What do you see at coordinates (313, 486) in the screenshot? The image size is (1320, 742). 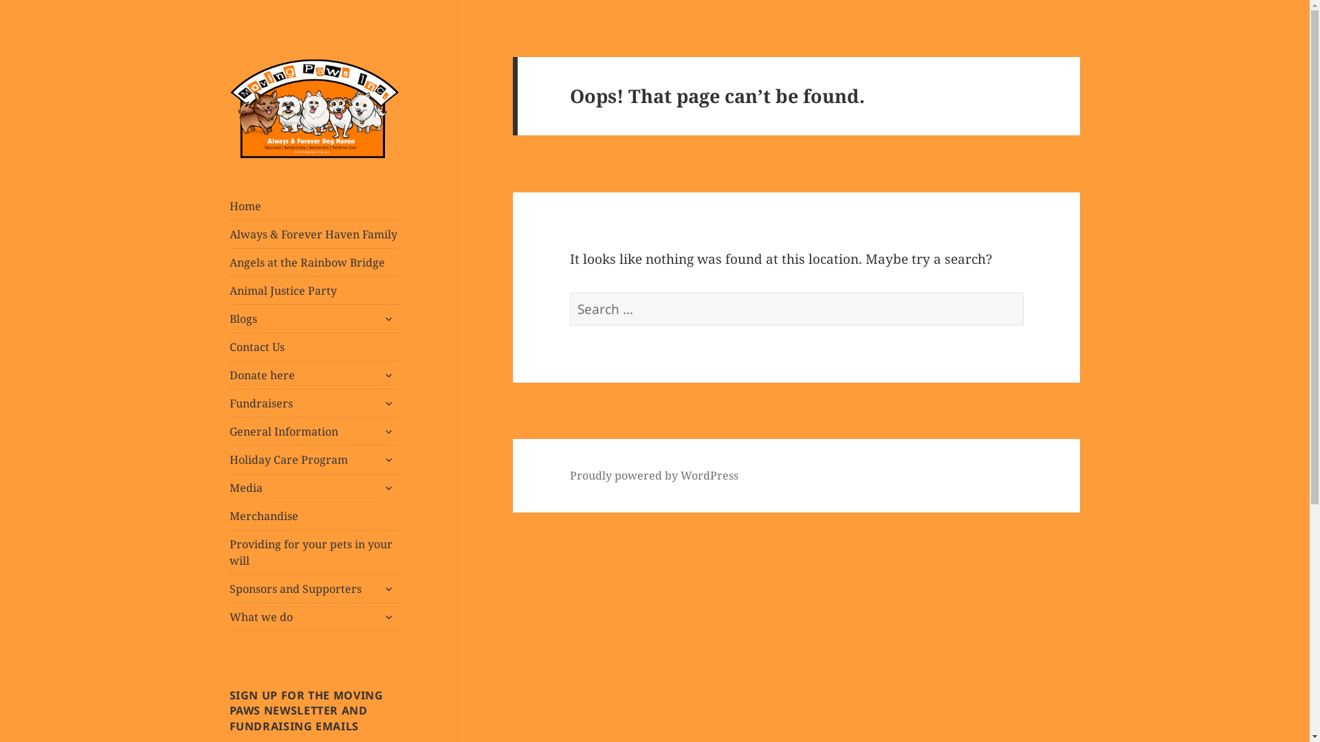 I see `'Media'` at bounding box center [313, 486].